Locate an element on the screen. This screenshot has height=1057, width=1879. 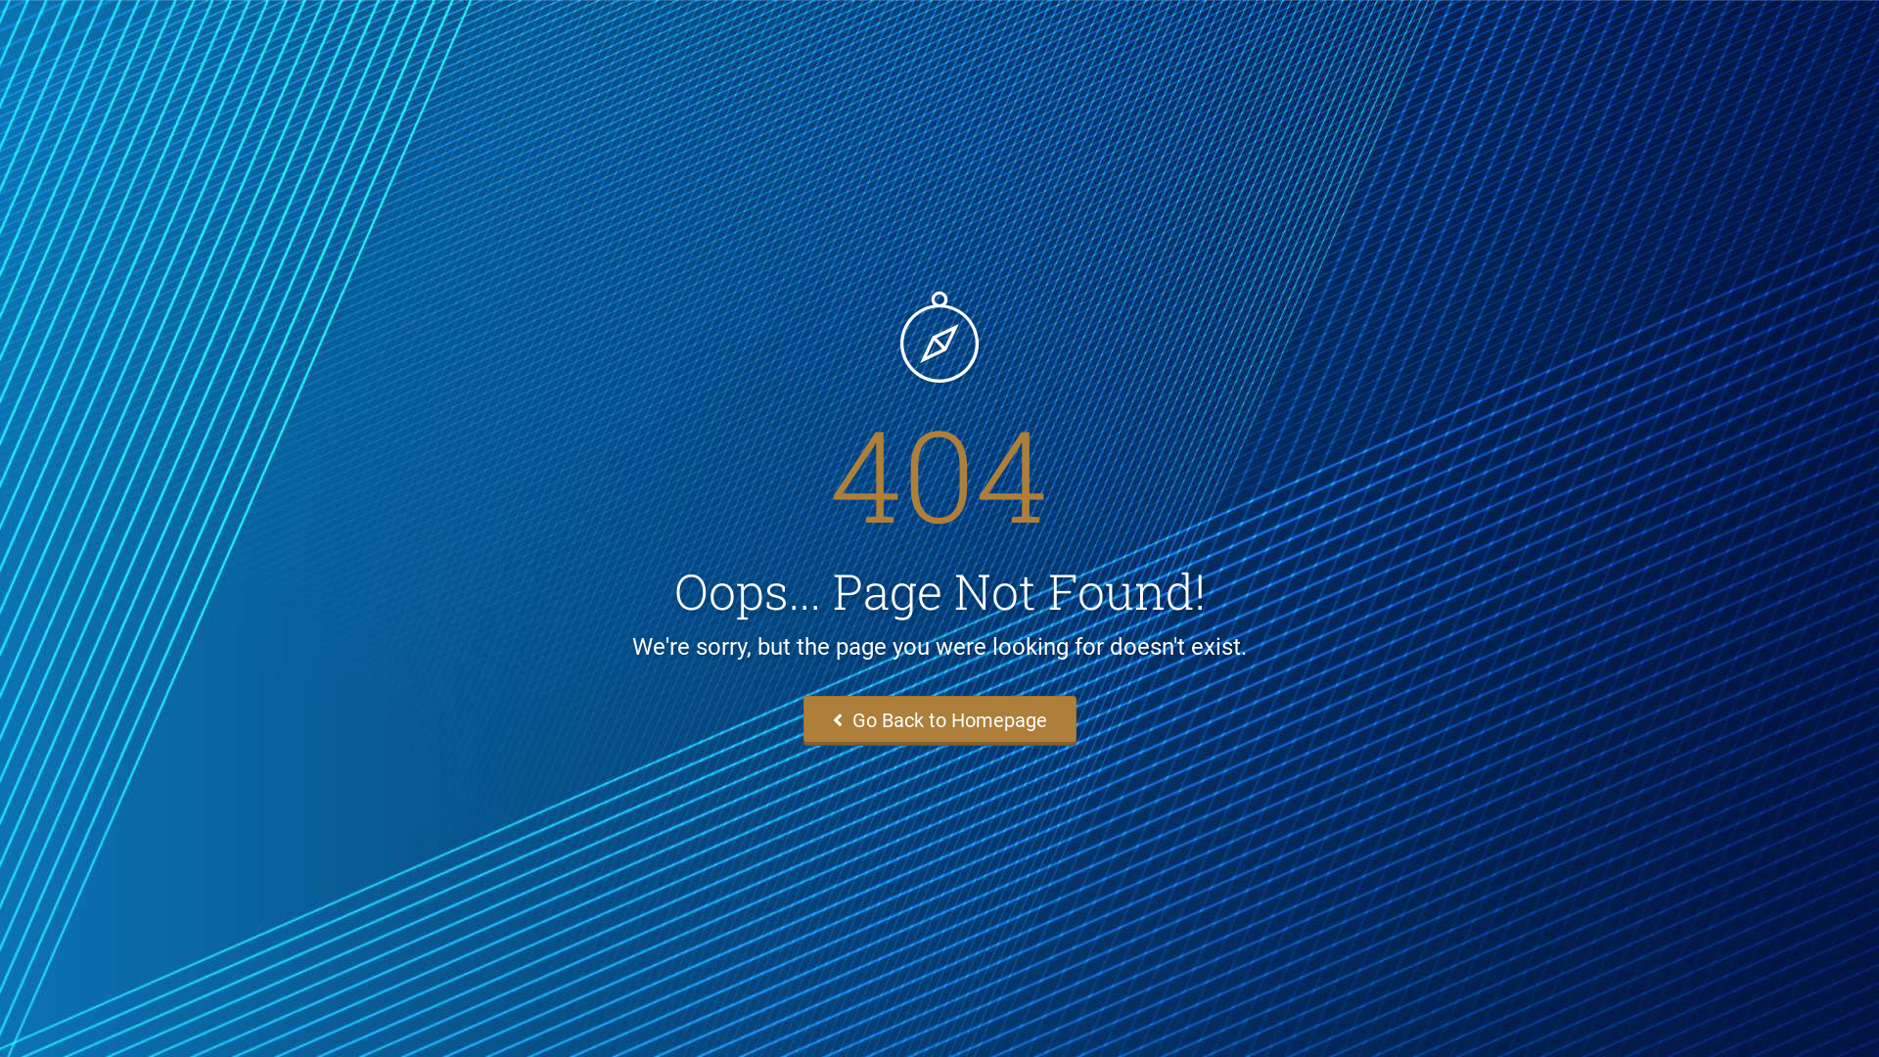
'Go Back to Homepage' is located at coordinates (938, 720).